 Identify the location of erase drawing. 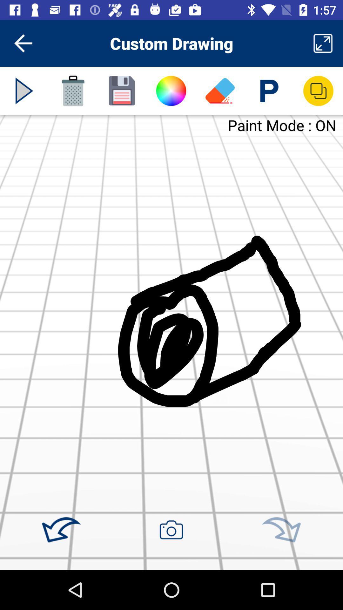
(220, 91).